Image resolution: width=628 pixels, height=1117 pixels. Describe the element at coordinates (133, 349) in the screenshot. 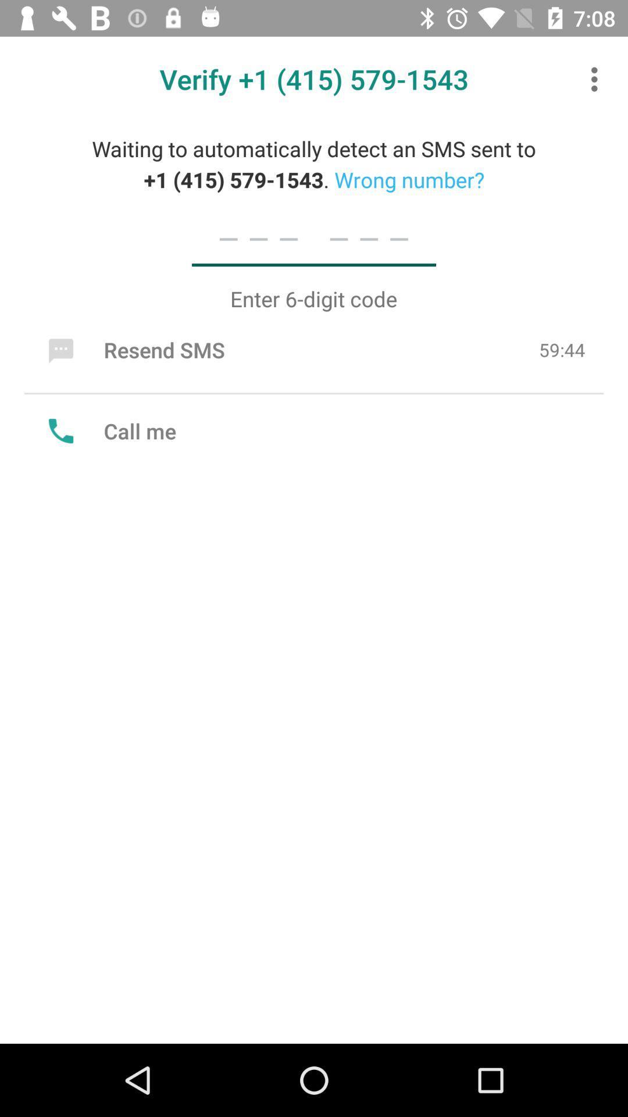

I see `item to the left of 59:44 item` at that location.